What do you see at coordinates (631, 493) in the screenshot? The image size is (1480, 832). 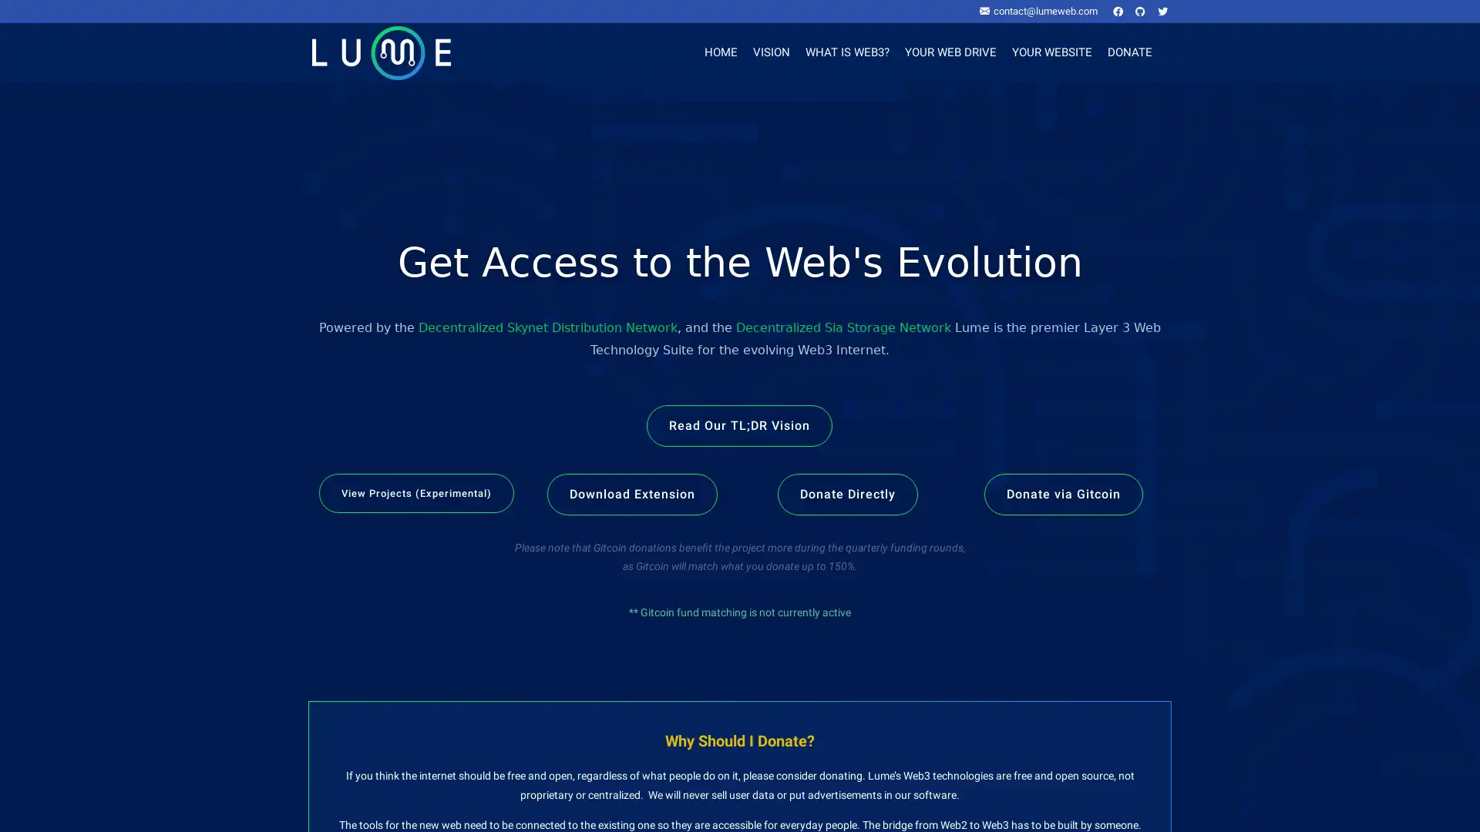 I see `Download Extension` at bounding box center [631, 493].